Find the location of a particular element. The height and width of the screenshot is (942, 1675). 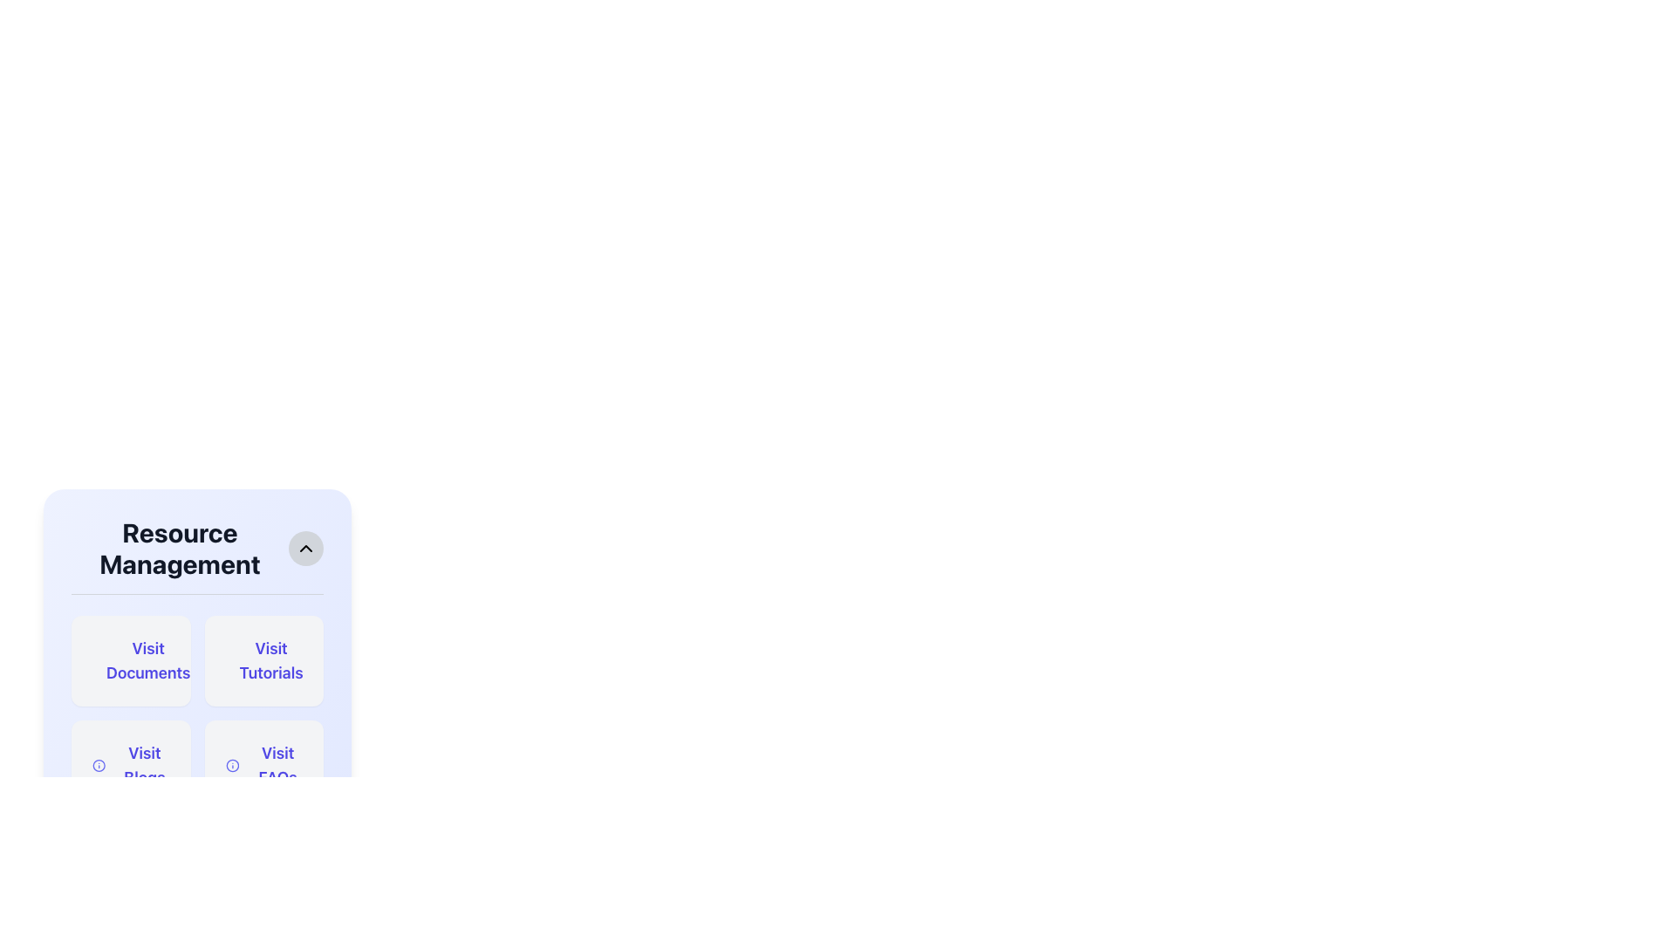

the Icon Button located at the top right corner of the Resource Management section to observe the background color change is located at coordinates (305, 547).